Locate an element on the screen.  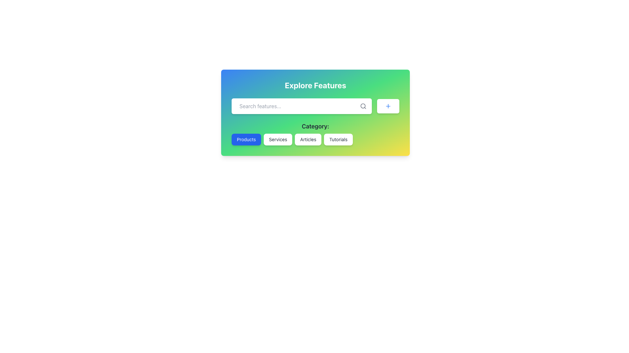
the button with a plus icon located to the right of the horizontal search bar at the top of the page to observe the tooltip or style change is located at coordinates (388, 106).